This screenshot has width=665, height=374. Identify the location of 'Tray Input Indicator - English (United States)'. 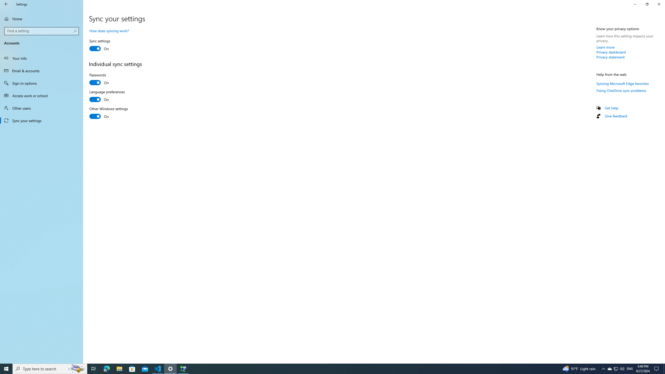
(630, 368).